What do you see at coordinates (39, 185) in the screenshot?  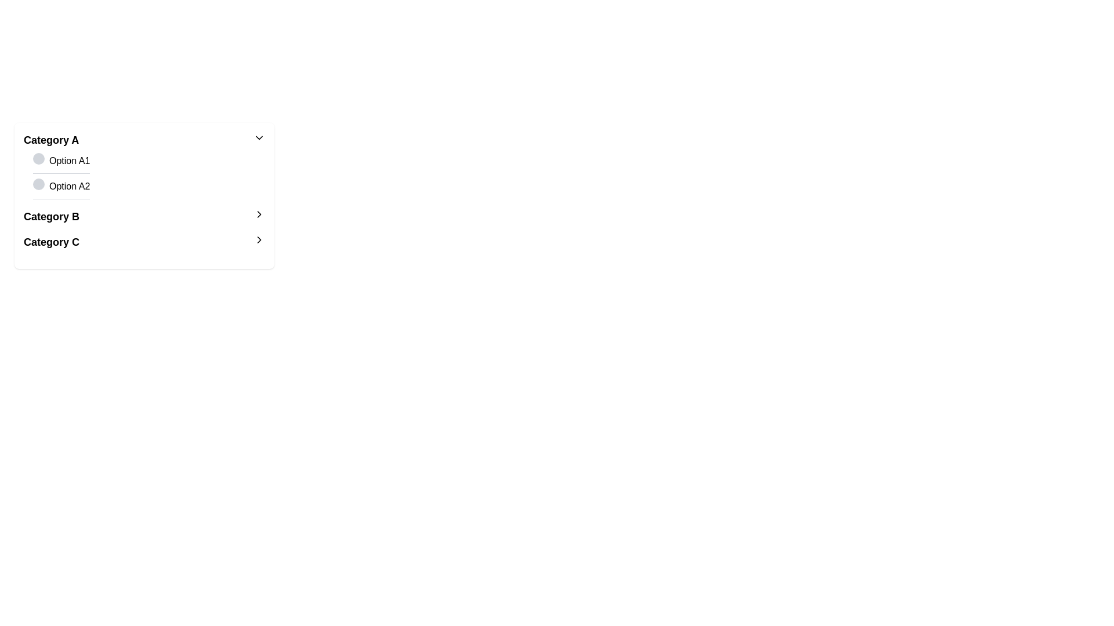 I see `the radio button for 'Option A2'` at bounding box center [39, 185].